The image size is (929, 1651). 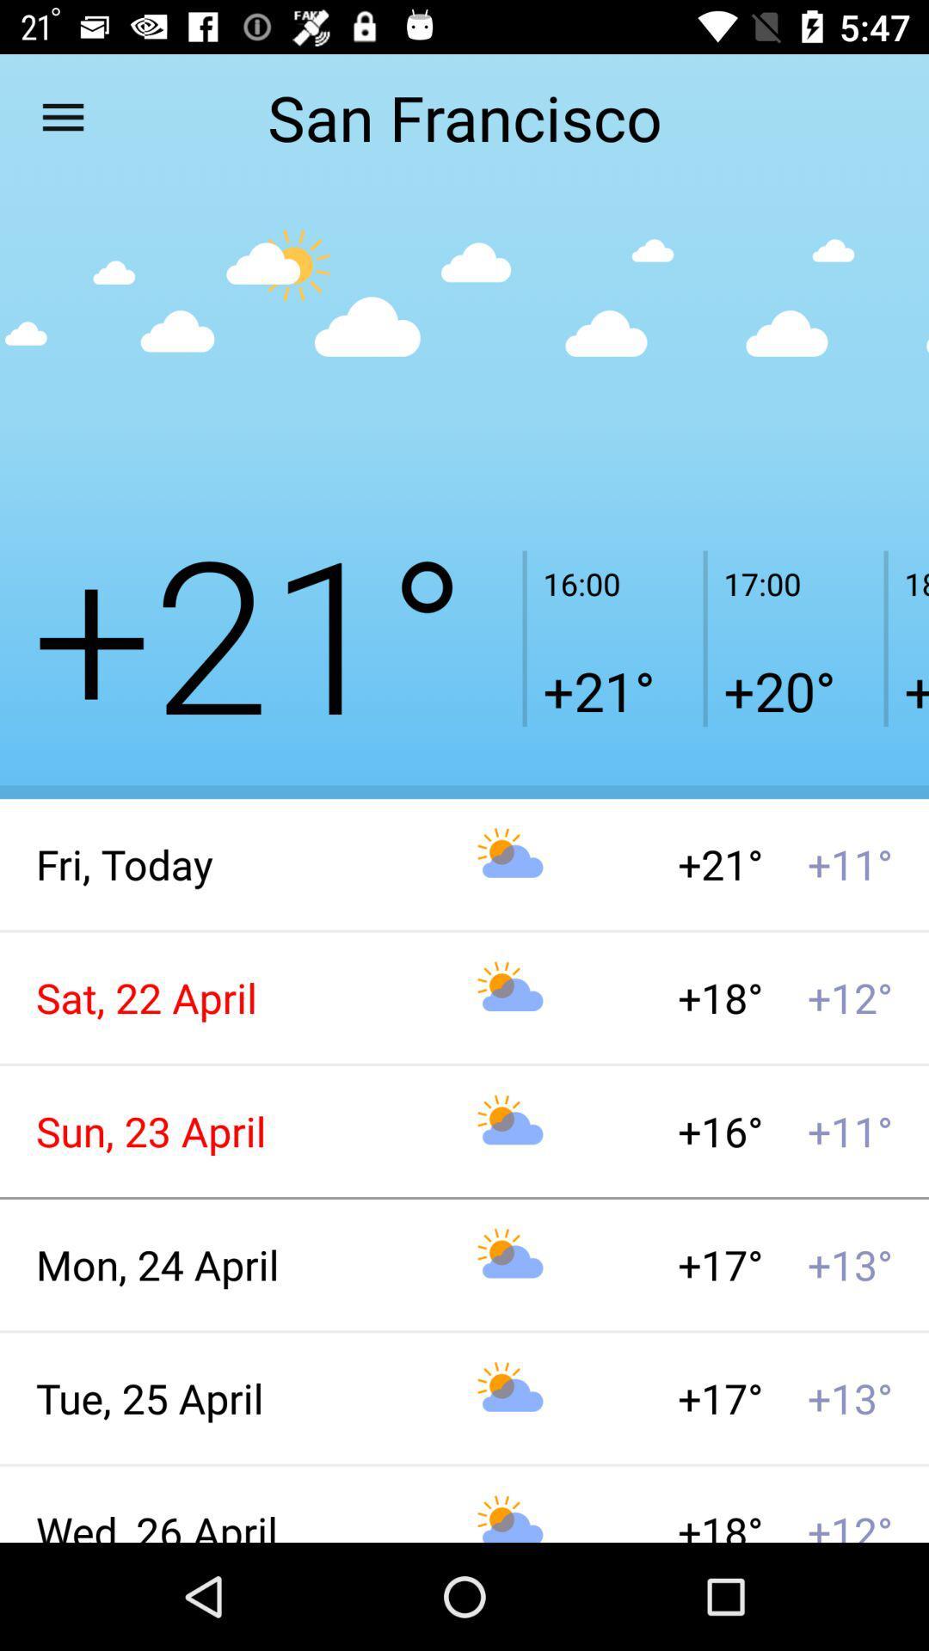 I want to click on the san francisco, so click(x=464, y=116).